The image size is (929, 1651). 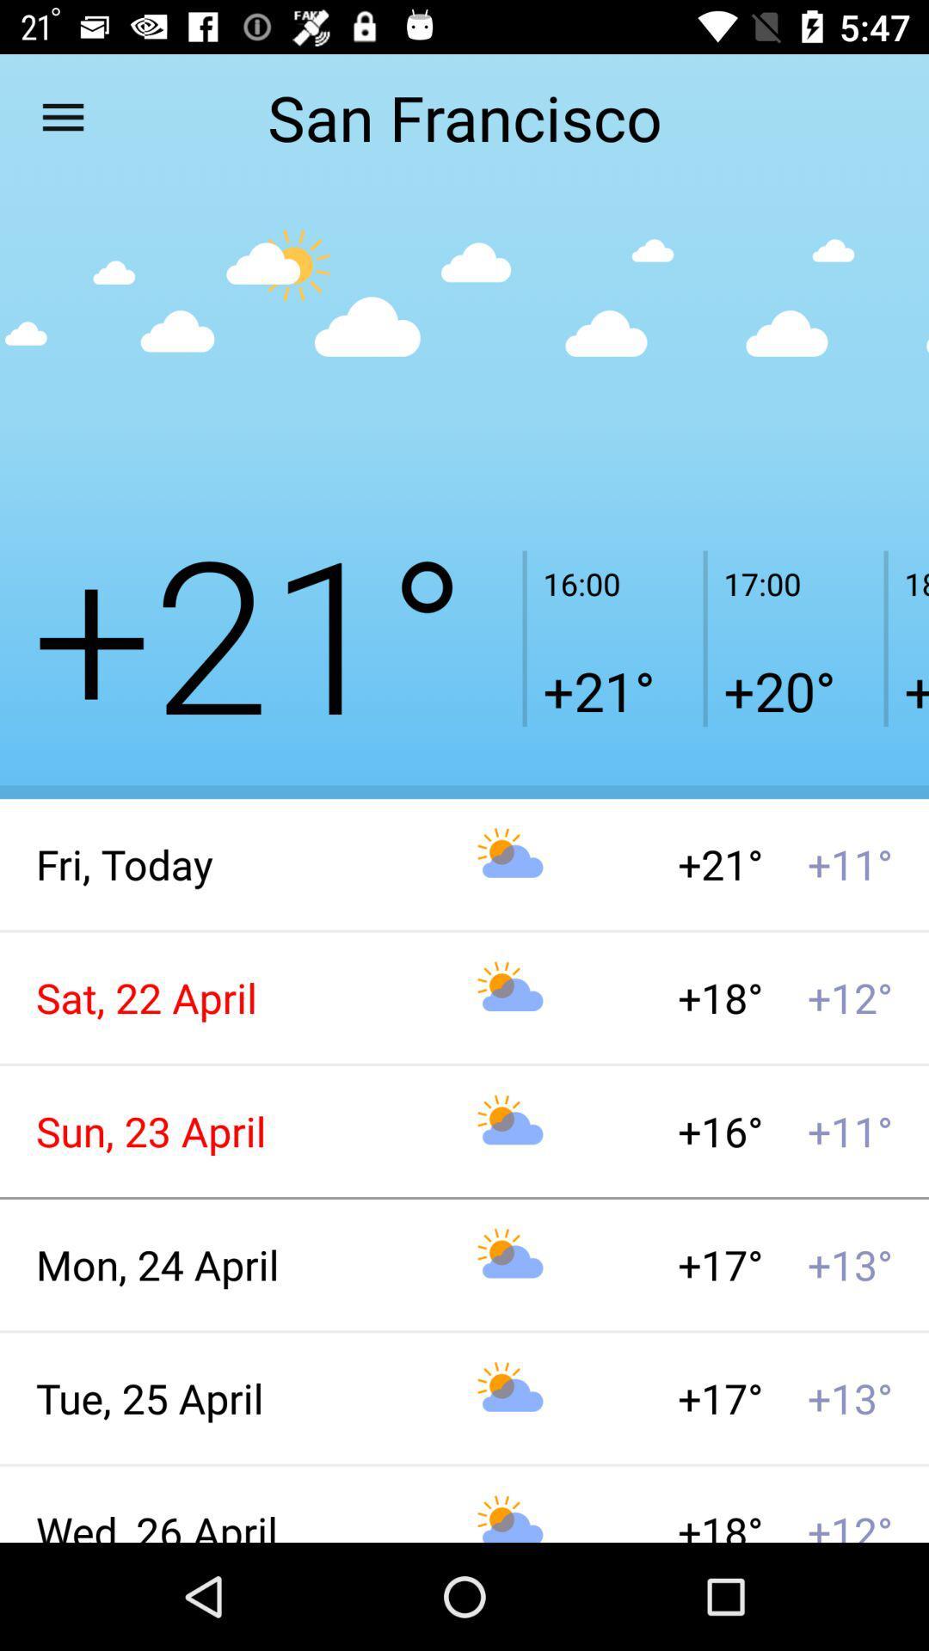 I want to click on the san francisco, so click(x=464, y=116).